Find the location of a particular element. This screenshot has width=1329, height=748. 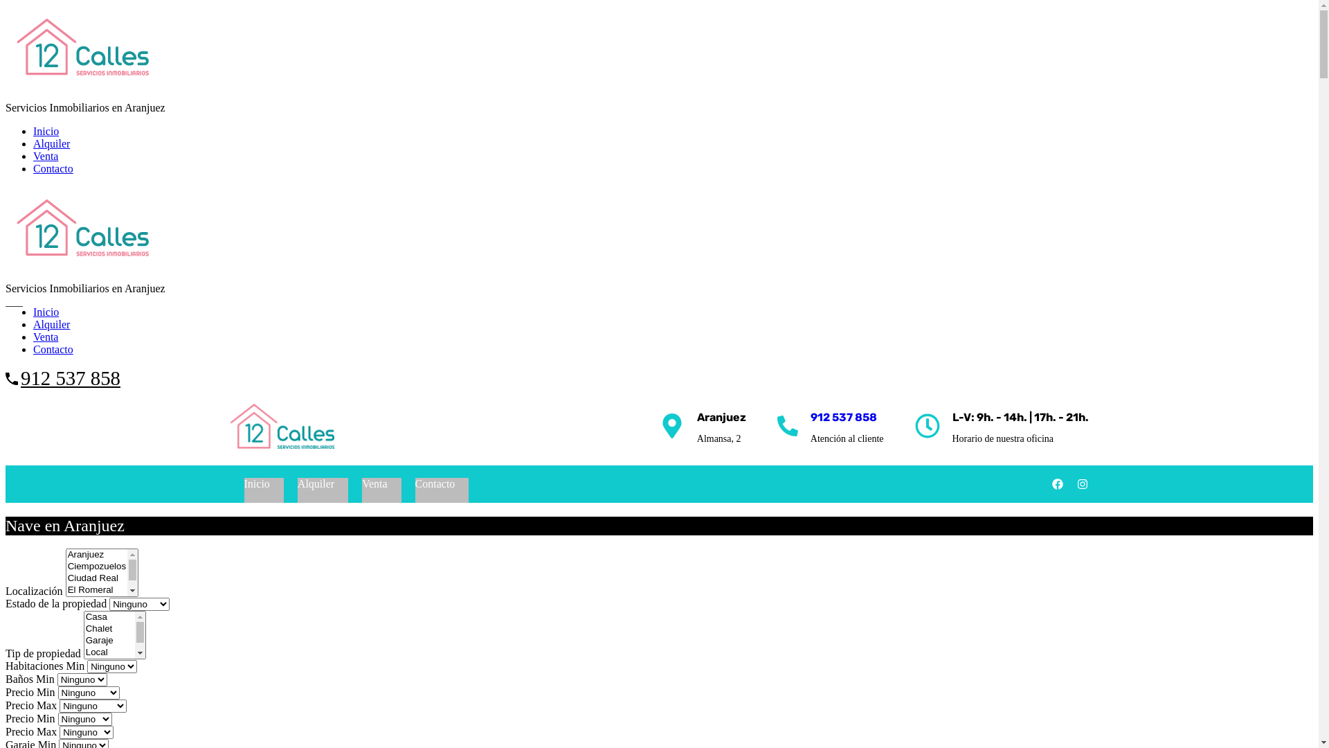

'Inicio' is located at coordinates (46, 312).